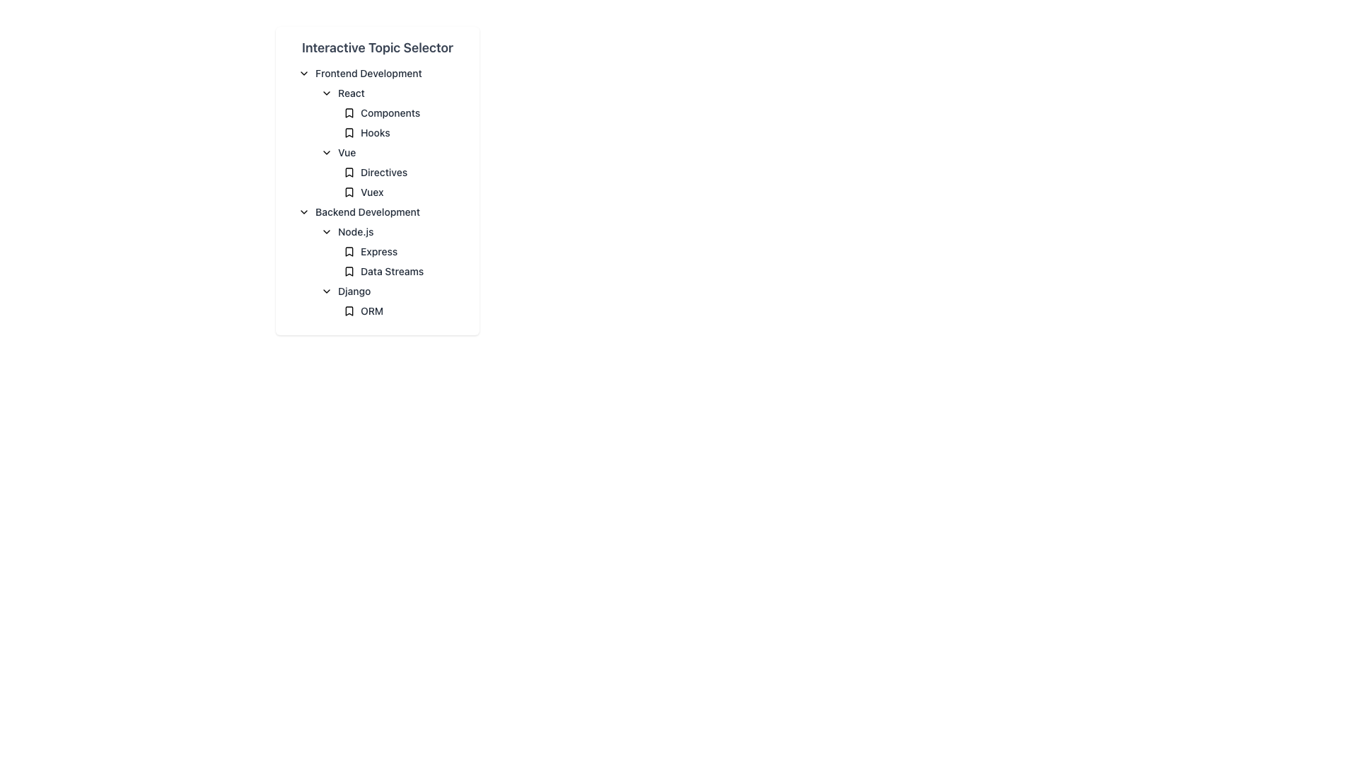 This screenshot has width=1358, height=764. What do you see at coordinates (325, 153) in the screenshot?
I see `the Chevron Down icon that expands or collapses the list of options associated with 'Vue' to observe visual changes` at bounding box center [325, 153].